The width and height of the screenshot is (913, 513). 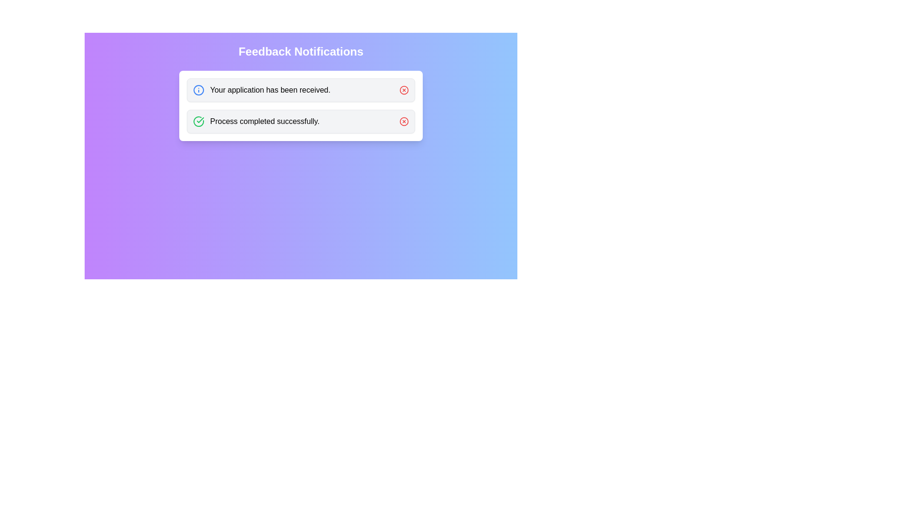 What do you see at coordinates (256, 121) in the screenshot?
I see `the static informational text that reads 'Process completed successfully.' with a green checkmark icon on its left` at bounding box center [256, 121].